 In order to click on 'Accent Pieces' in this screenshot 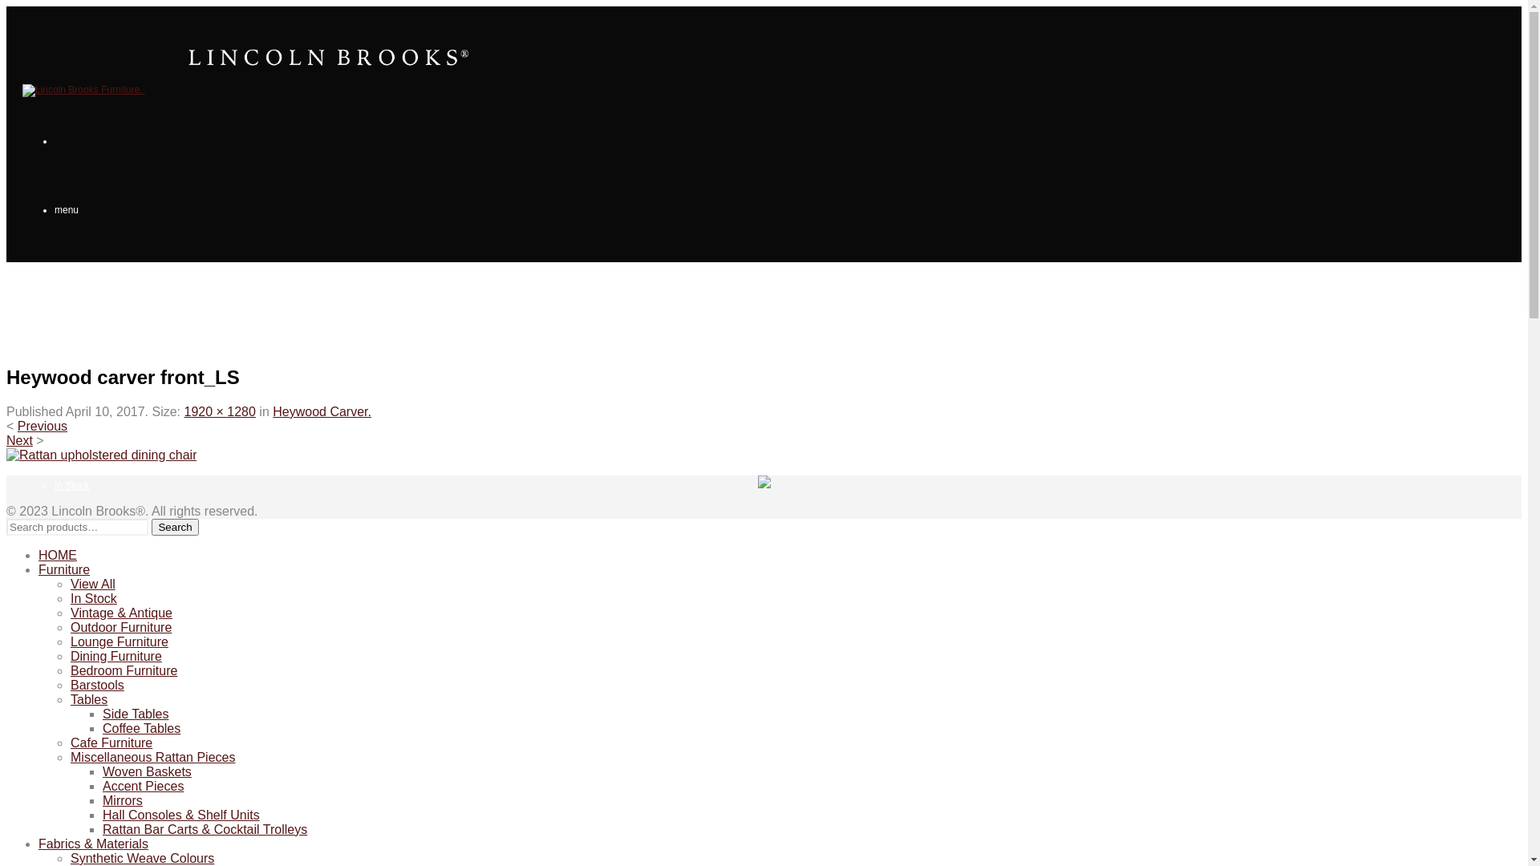, I will do `click(143, 785)`.